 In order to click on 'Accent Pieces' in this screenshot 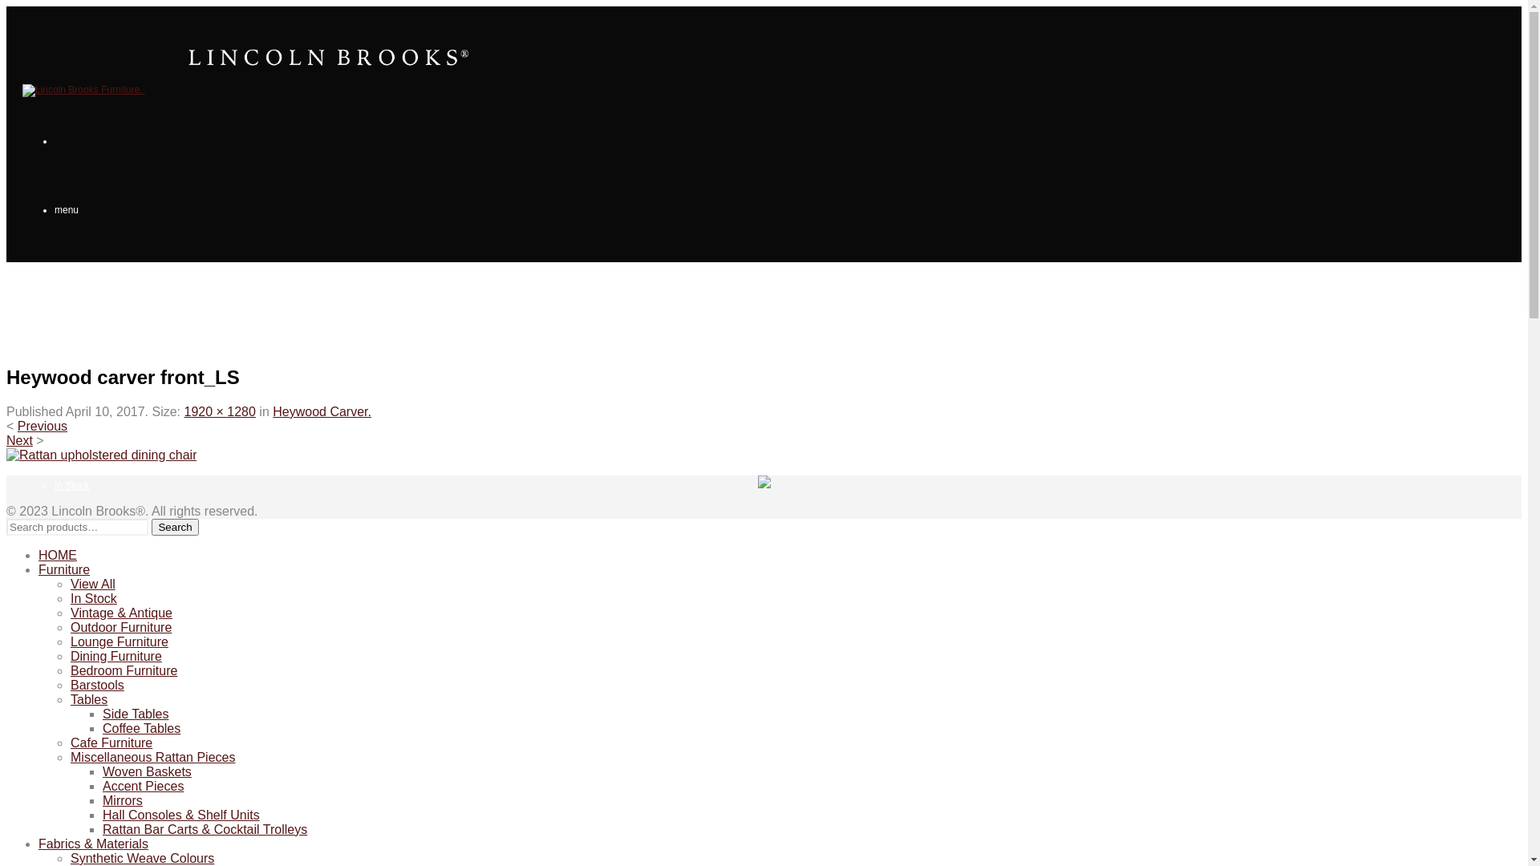, I will do `click(143, 785)`.